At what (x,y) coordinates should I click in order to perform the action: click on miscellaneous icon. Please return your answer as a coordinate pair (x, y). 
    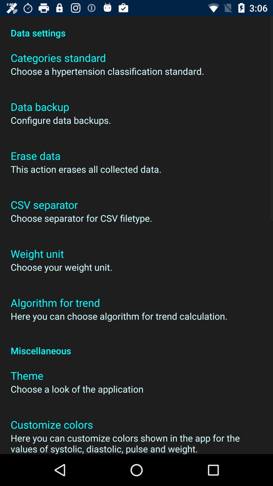
    Looking at the image, I should click on (136, 345).